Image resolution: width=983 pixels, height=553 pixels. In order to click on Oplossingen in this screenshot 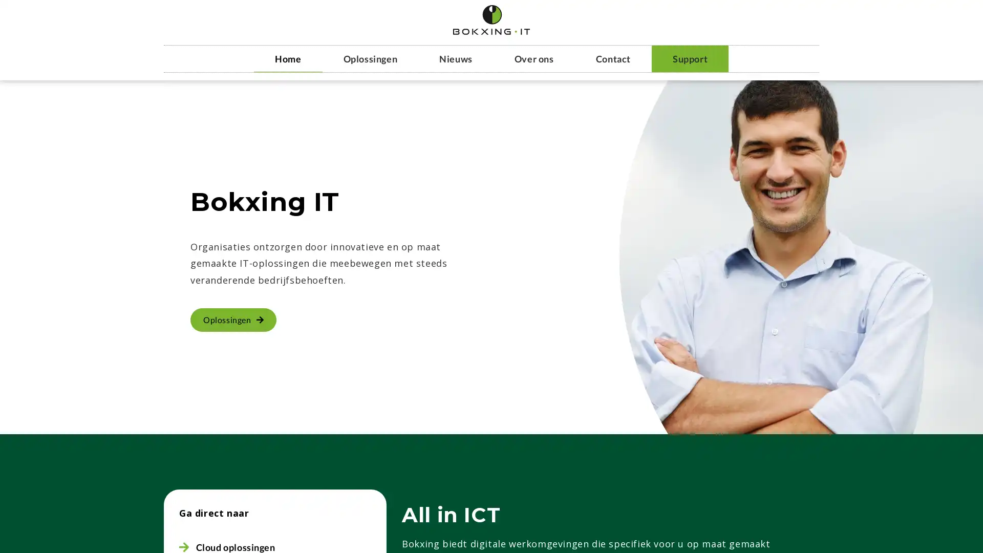, I will do `click(232, 319)`.